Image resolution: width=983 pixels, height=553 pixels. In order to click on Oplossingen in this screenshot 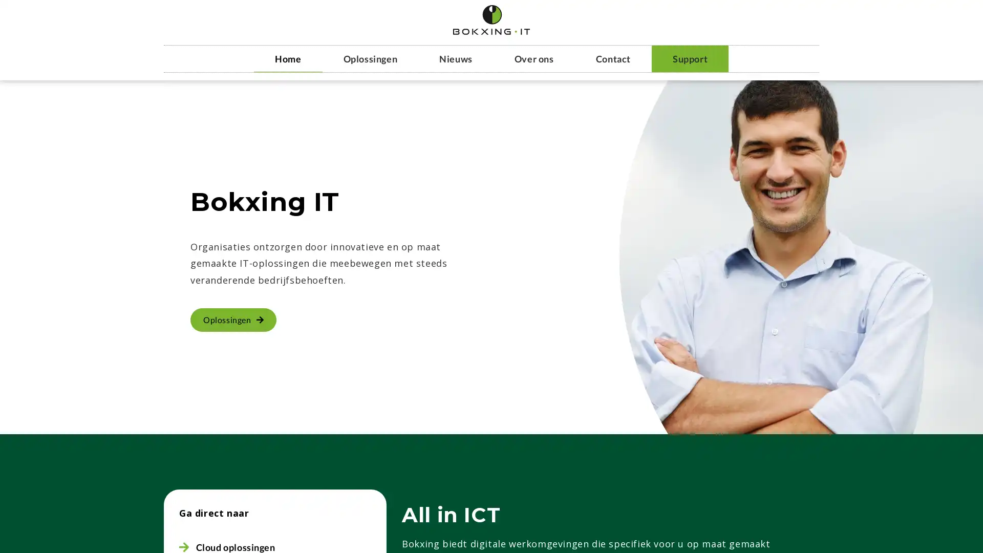, I will do `click(232, 319)`.